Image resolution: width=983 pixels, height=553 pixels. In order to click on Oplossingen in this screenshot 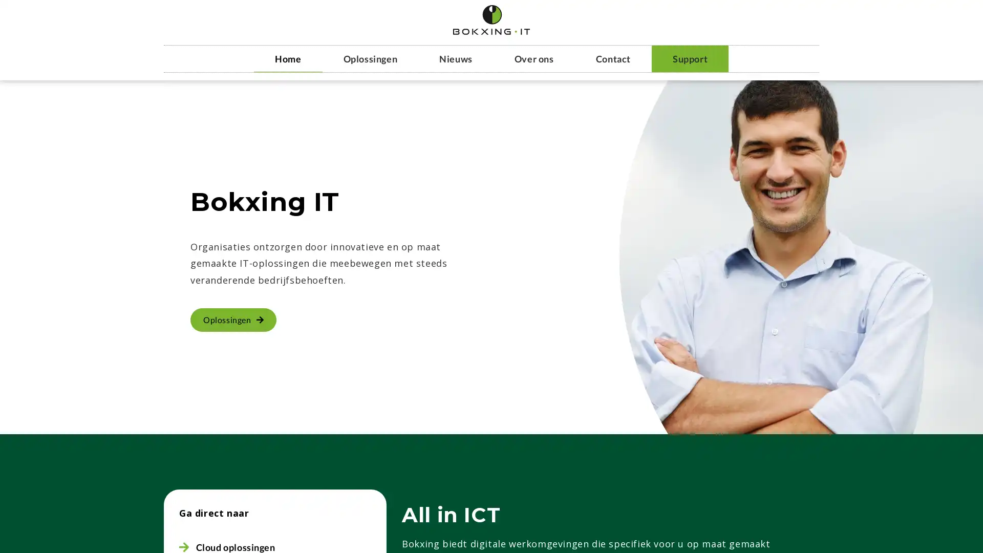, I will do `click(232, 319)`.